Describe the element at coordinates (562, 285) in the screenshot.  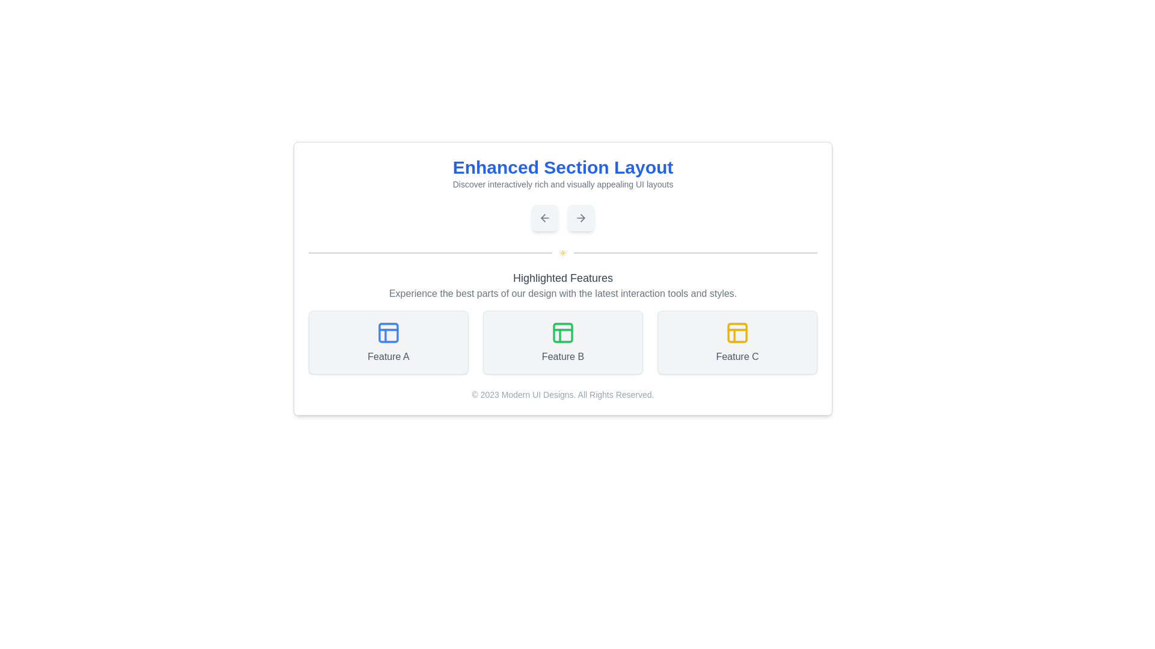
I see `heading and description of the 'Highlighted Features' text block, which is located below the main title 'Enhanced Section Layout' and above the feature cards` at that location.